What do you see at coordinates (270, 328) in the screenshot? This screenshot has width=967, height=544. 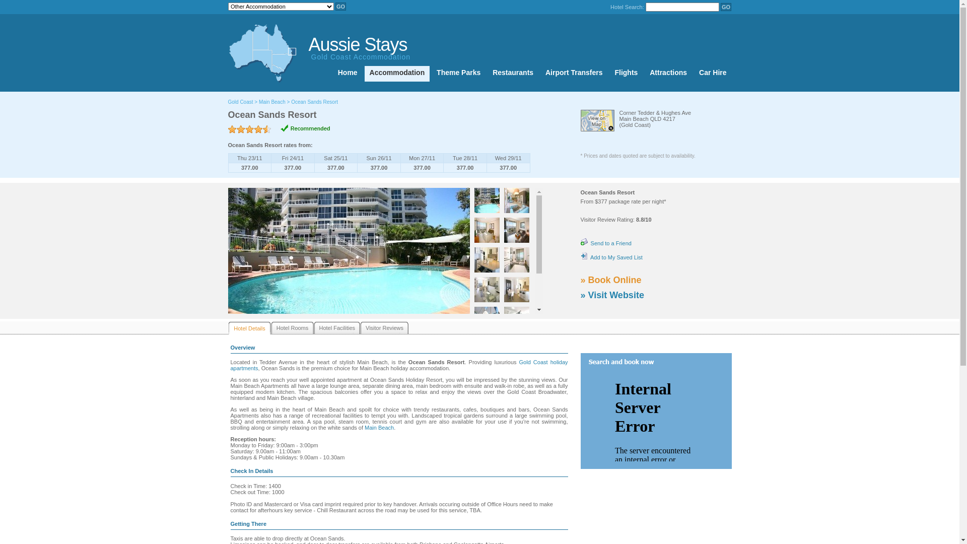 I see `'Hotel Rooms'` at bounding box center [270, 328].